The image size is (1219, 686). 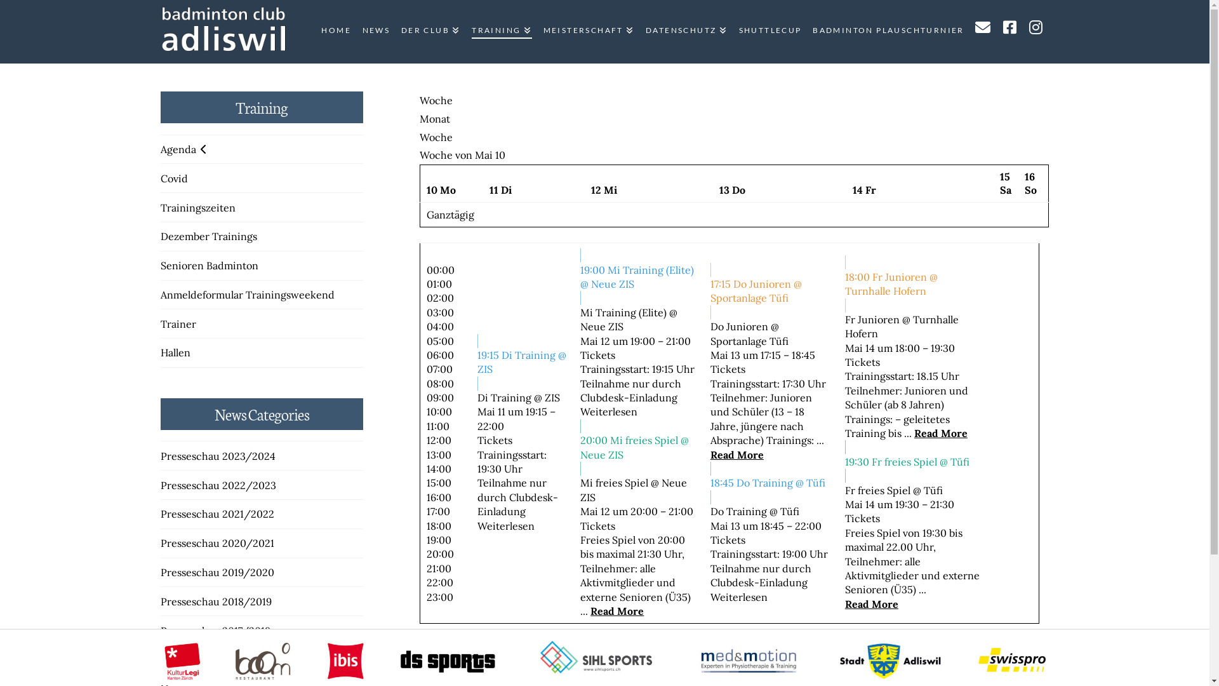 I want to click on 'Trainer', so click(x=177, y=323).